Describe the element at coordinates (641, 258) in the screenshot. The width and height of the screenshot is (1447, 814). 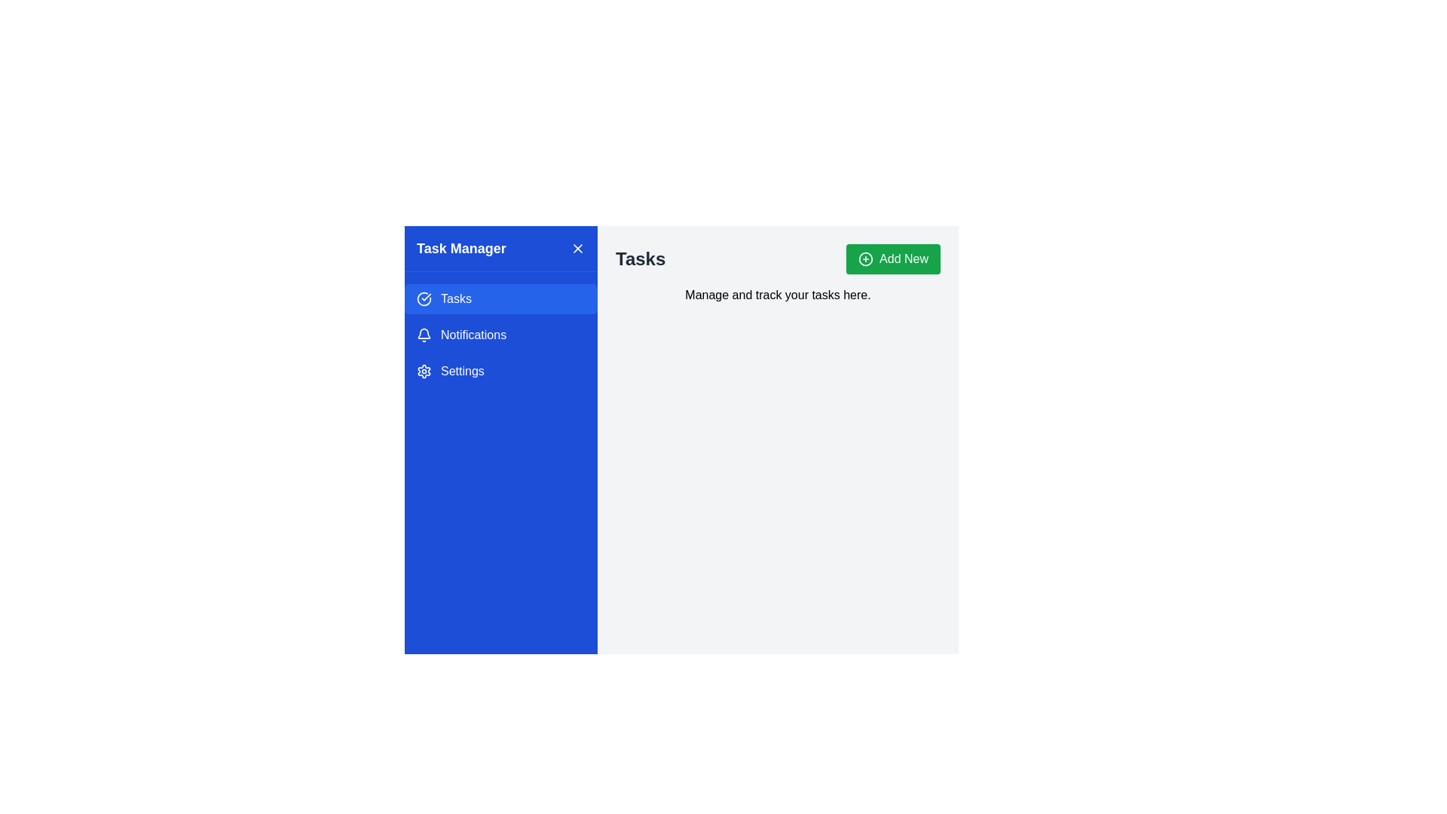
I see `the 'Tasks' text label, which is a bold and large header in grayish black color located on the right side of the blue navigation bar` at that location.